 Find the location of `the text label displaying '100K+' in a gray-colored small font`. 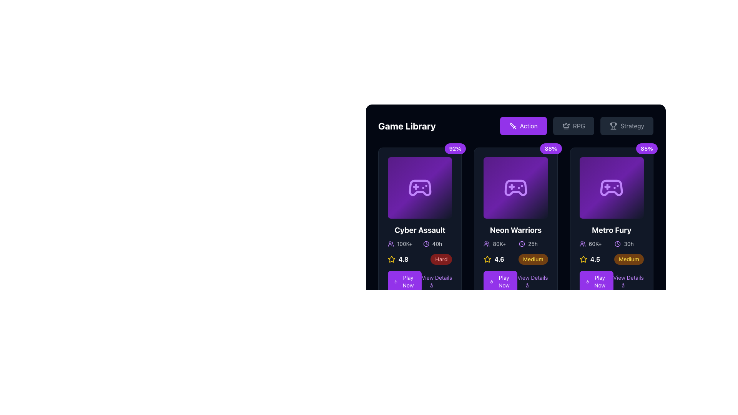

the text label displaying '100K+' in a gray-colored small font is located at coordinates (404, 244).